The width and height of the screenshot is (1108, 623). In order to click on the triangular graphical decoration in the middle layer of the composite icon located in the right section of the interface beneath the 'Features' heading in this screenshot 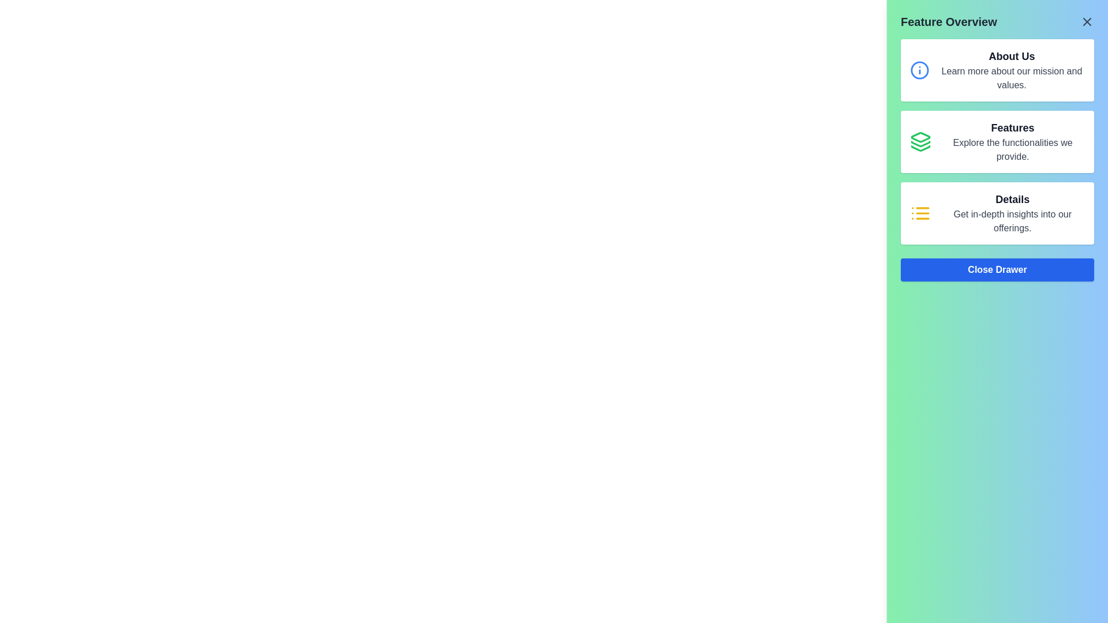, I will do `click(920, 143)`.